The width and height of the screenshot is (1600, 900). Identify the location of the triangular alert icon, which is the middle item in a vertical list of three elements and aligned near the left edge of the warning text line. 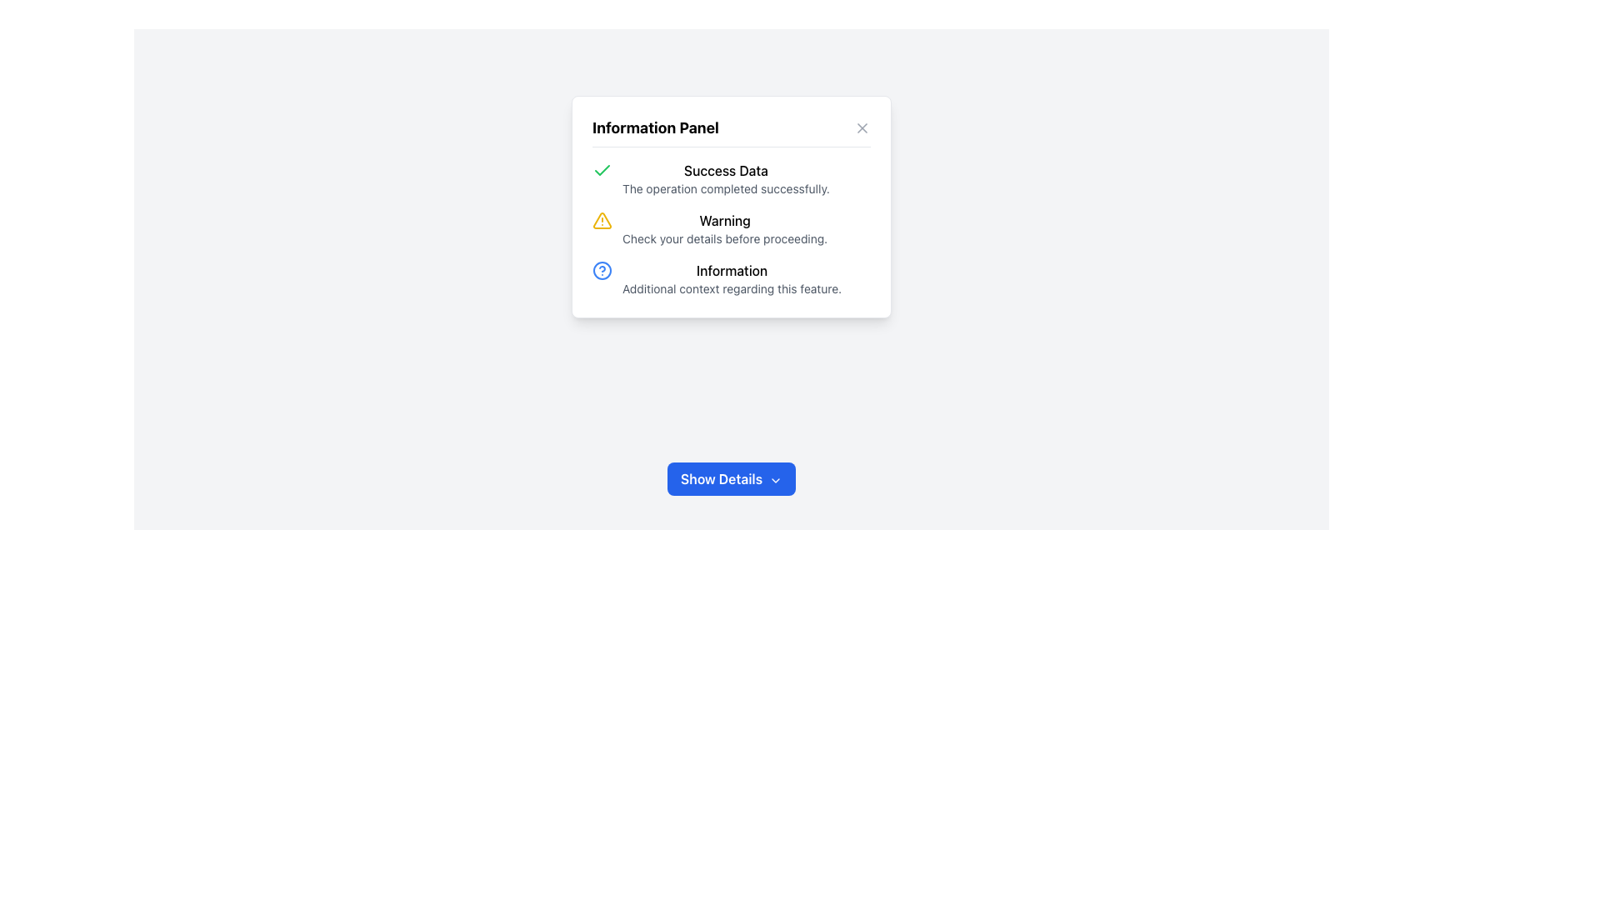
(602, 220).